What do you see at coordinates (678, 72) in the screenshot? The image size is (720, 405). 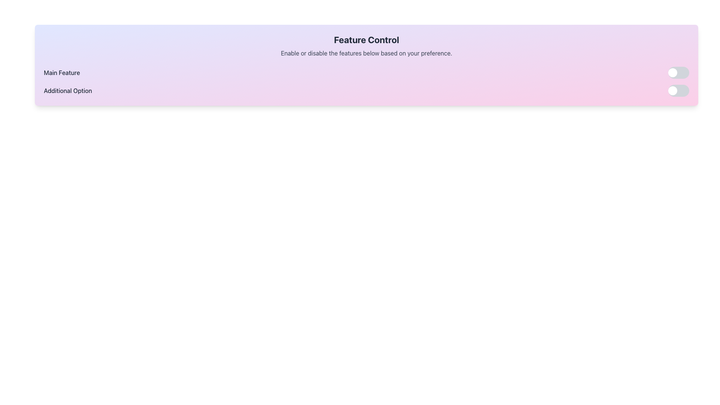 I see `the toggle switch located on the far right end of the row labeled 'Main Feature'` at bounding box center [678, 72].